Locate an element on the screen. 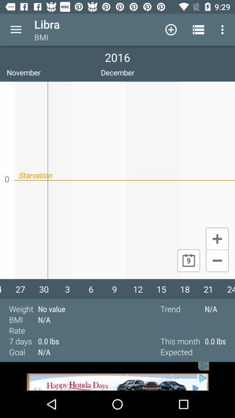 The image size is (235, 418). menu icon is located at coordinates (16, 30).